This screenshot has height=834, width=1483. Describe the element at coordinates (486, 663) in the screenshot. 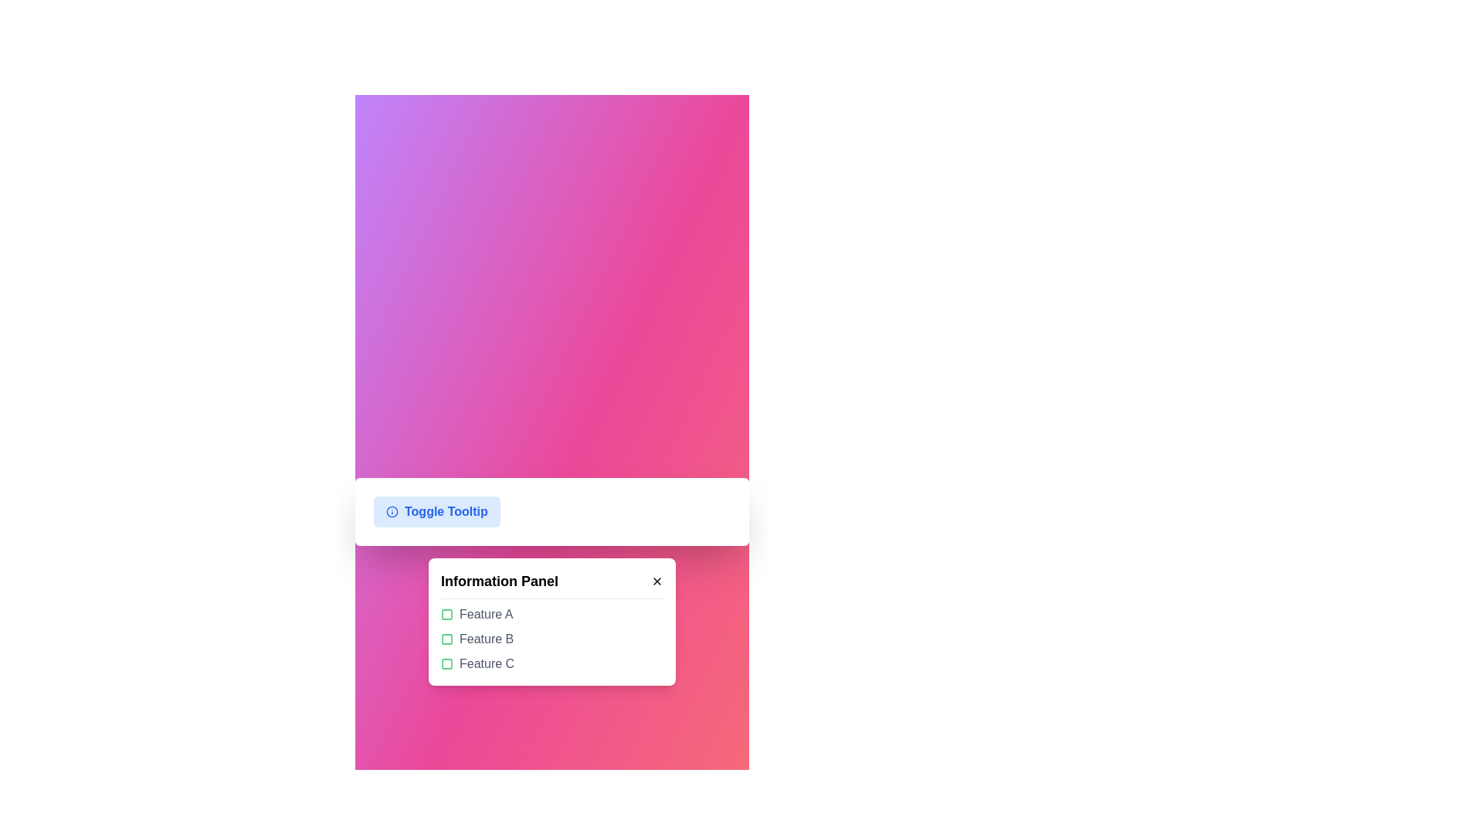

I see `the text label indicating 'Feature C' located in the Information Panel, which is the third item in the vertical list of features` at that location.